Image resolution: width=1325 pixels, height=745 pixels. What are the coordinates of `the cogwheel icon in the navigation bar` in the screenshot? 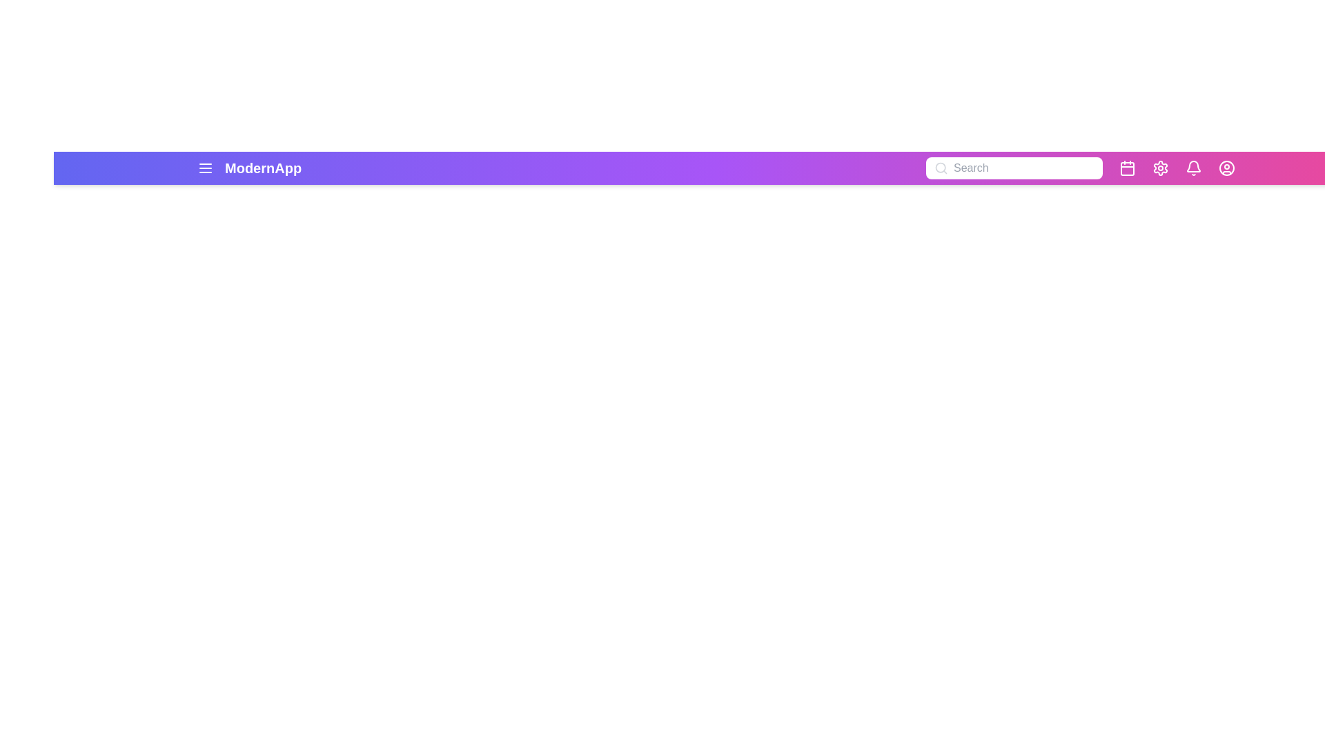 It's located at (1159, 167).